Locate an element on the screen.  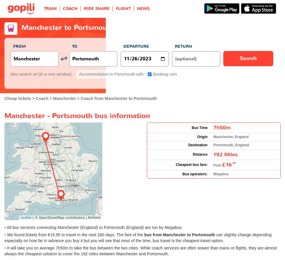
'RIDE SHARE' is located at coordinates (83, 9).